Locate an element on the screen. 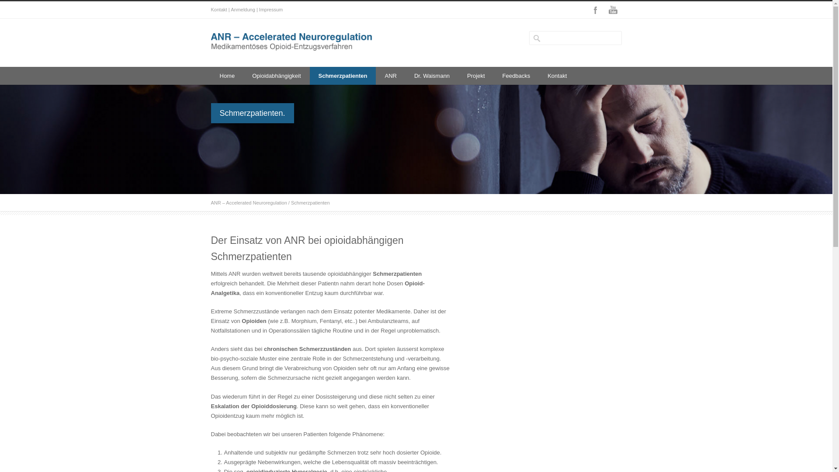 This screenshot has height=472, width=839. 'Home' is located at coordinates (227, 75).